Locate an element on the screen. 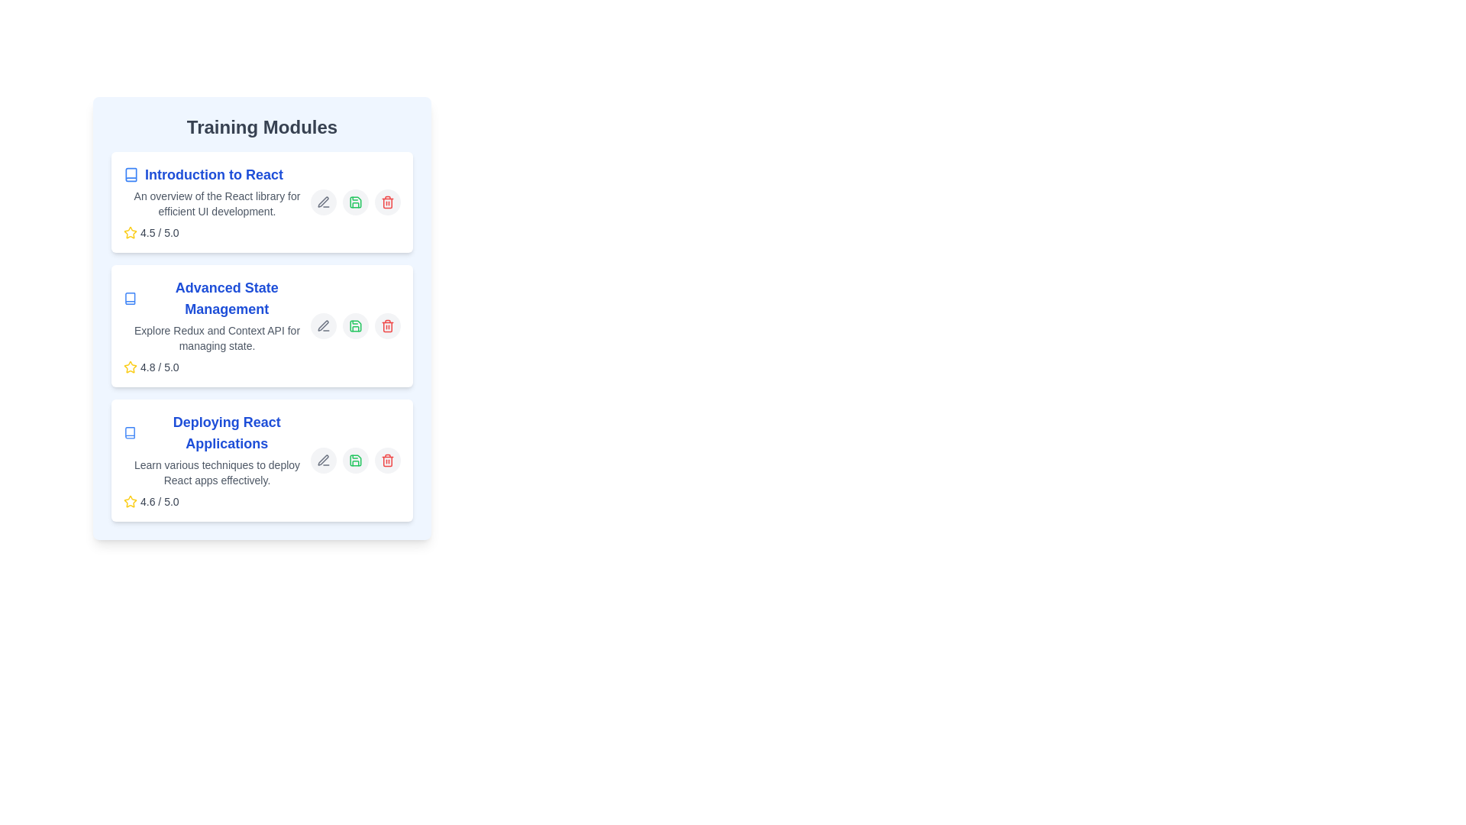  the red trash can icon button located next to 'Introduction to React' is located at coordinates (388, 202).